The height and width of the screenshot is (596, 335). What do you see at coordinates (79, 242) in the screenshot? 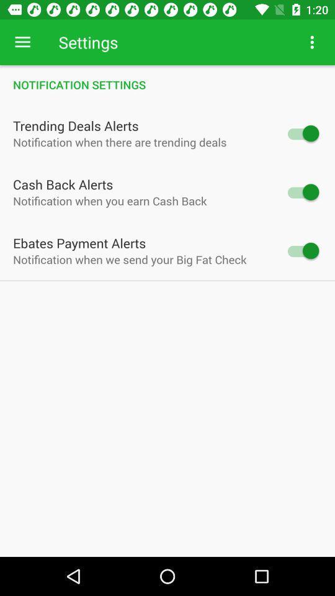
I see `icon above notification when we` at bounding box center [79, 242].